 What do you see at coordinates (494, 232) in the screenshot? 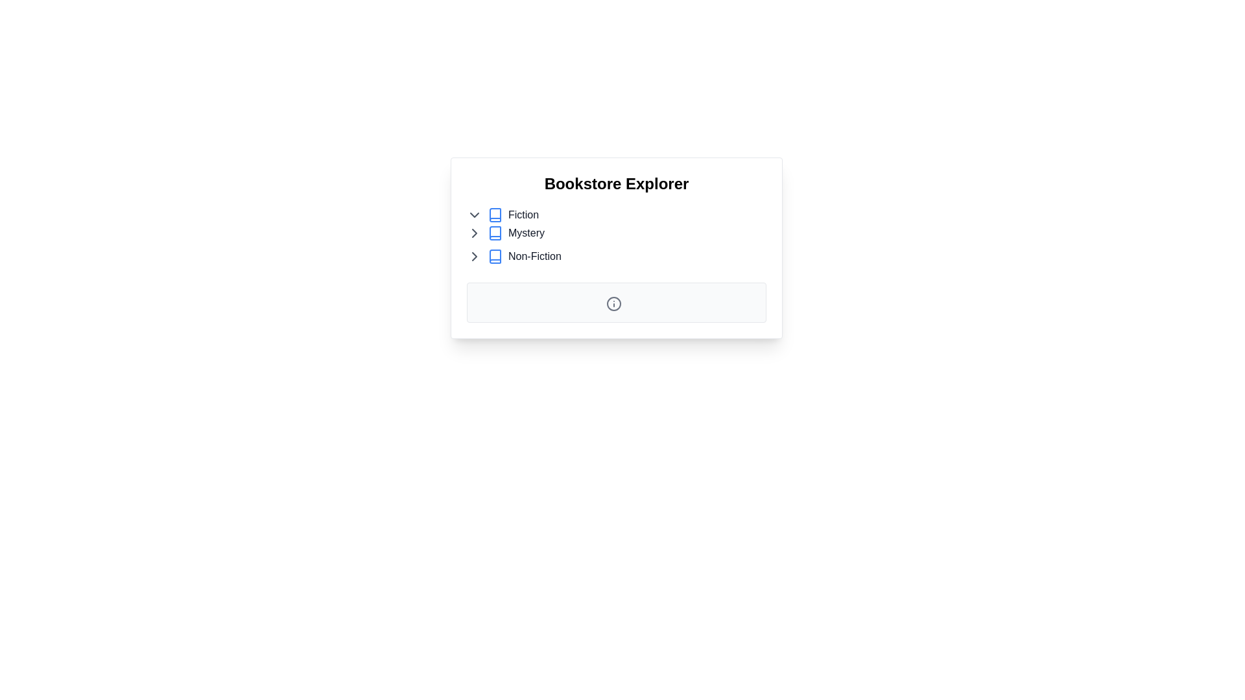
I see `the blue outlined book icon located below the 'Fiction' icon and above the 'Non-Fiction' icon in the vertical list` at bounding box center [494, 232].